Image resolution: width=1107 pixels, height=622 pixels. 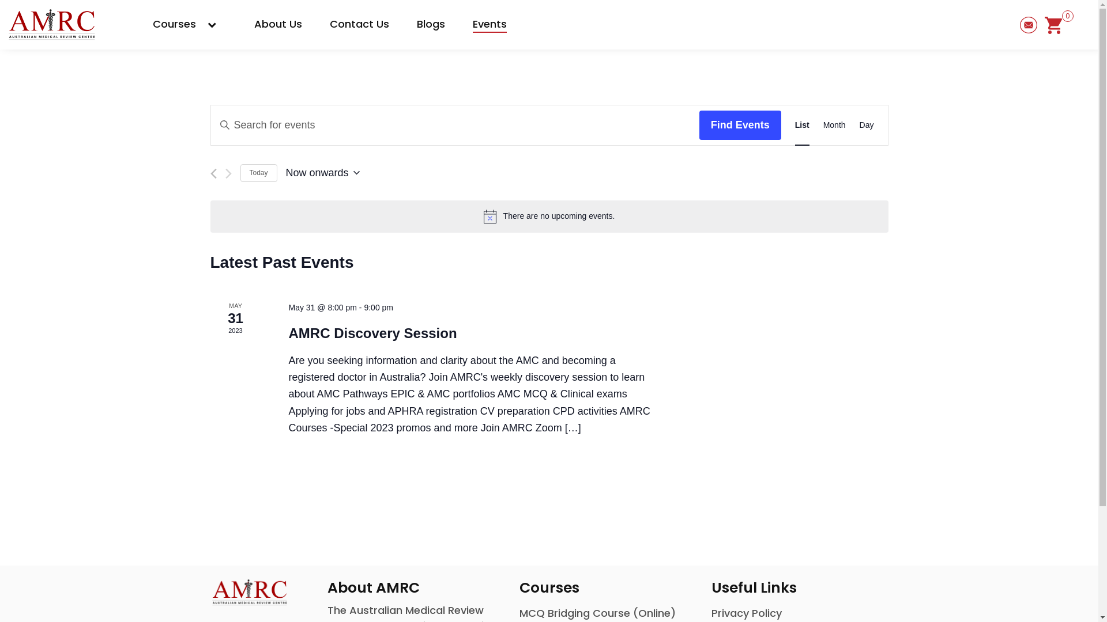 I want to click on 'About Us', so click(x=278, y=24).